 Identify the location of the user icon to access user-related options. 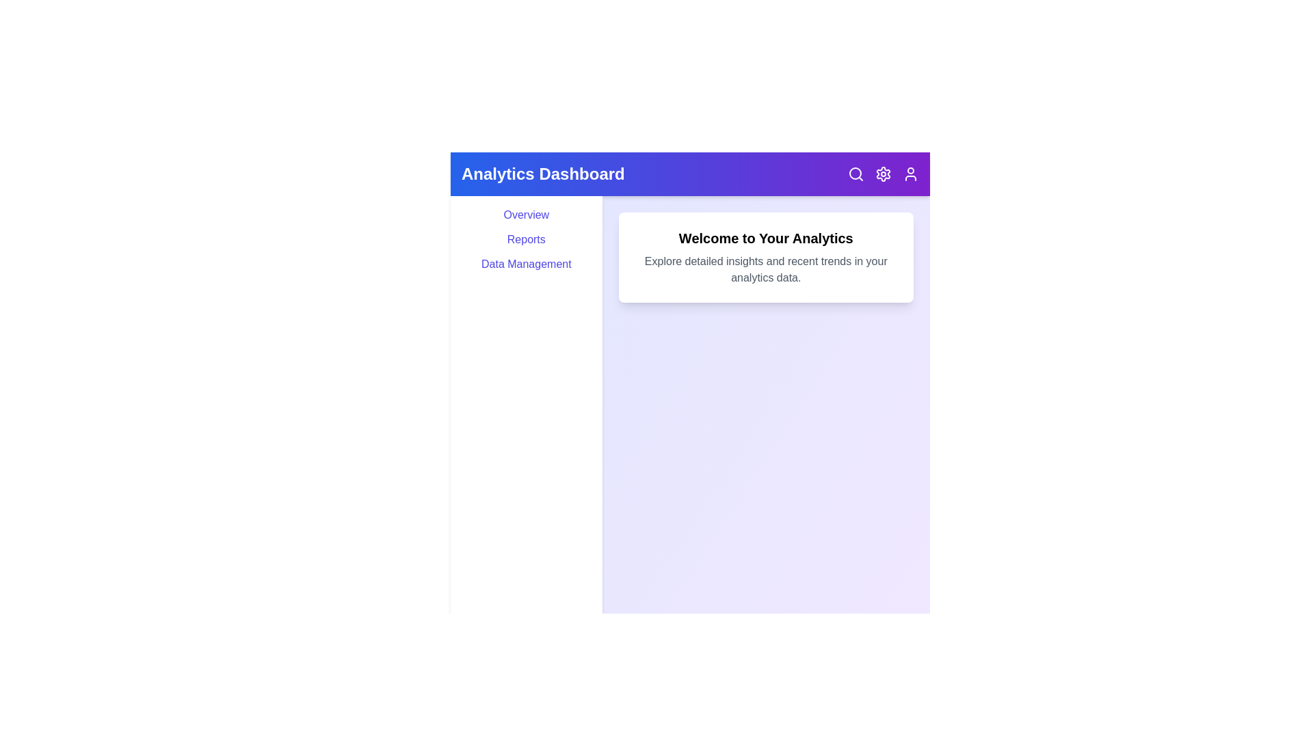
(910, 173).